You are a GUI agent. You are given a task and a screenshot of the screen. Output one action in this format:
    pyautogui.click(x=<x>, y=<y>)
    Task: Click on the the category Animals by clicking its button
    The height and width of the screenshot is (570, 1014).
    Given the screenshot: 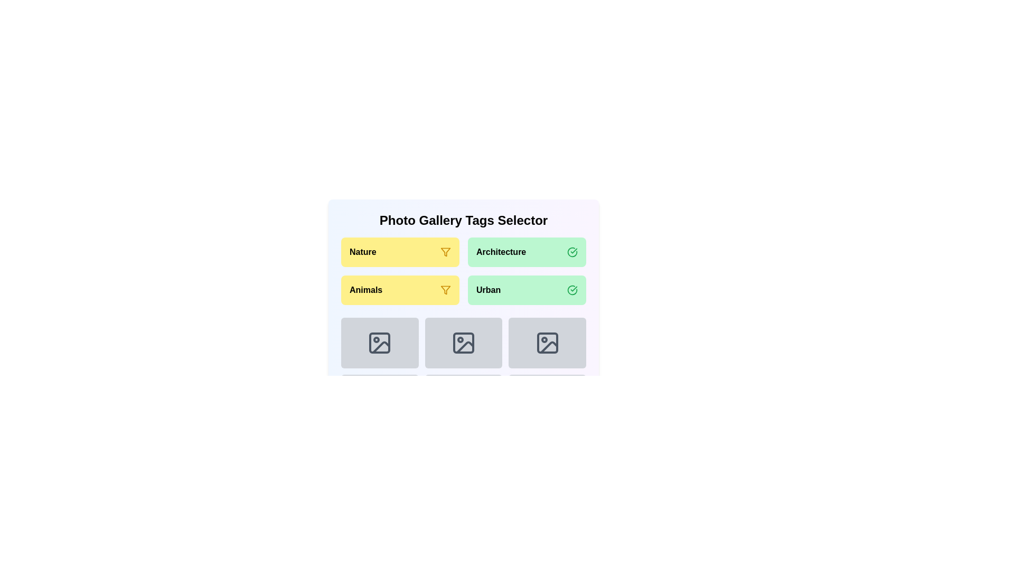 What is the action you would take?
    pyautogui.click(x=400, y=290)
    